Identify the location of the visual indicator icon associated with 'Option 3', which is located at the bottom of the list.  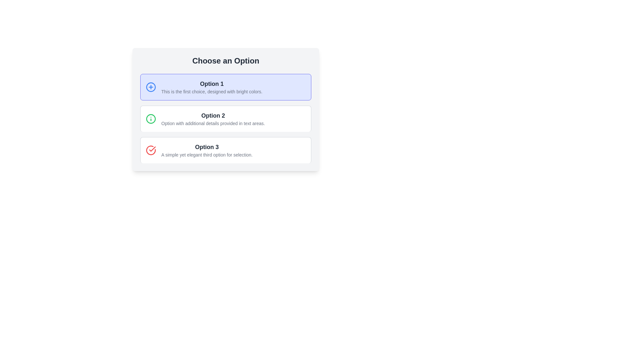
(150, 150).